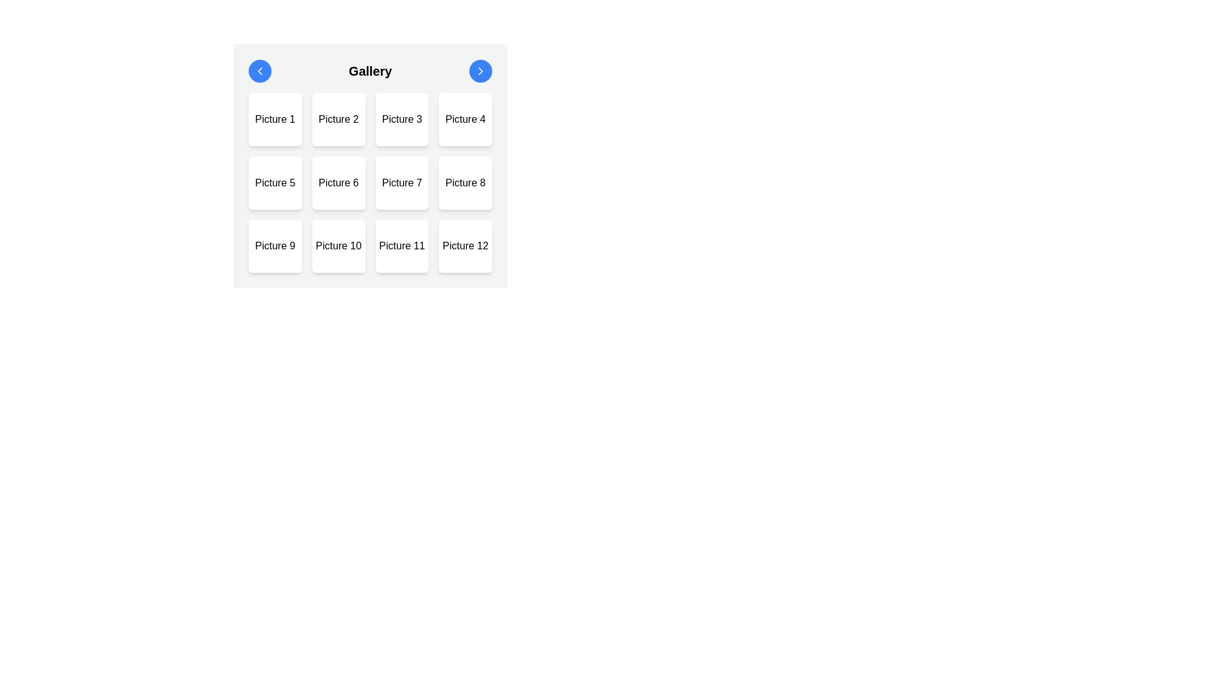 The width and height of the screenshot is (1221, 687). What do you see at coordinates (479, 71) in the screenshot?
I see `the right-facing chevron arrow icon inside the blue circular button` at bounding box center [479, 71].